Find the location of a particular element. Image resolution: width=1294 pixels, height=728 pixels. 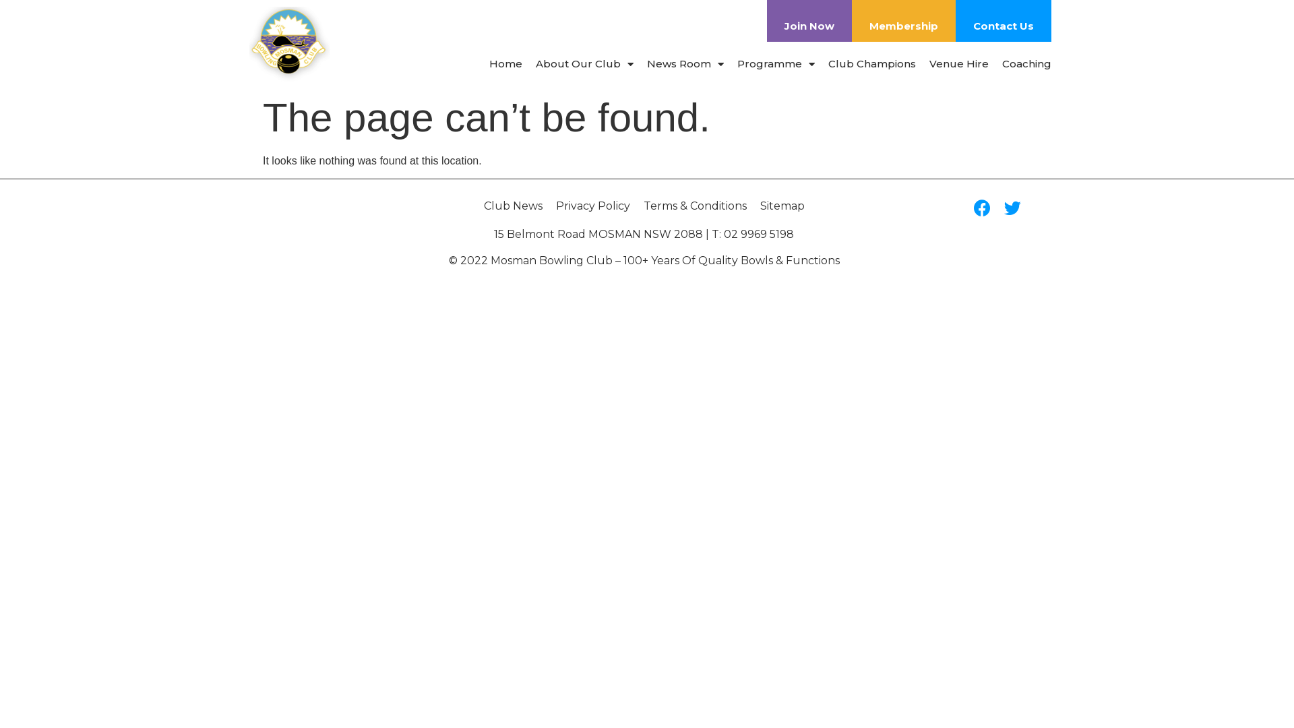

'02 9969 5198' is located at coordinates (759, 233).